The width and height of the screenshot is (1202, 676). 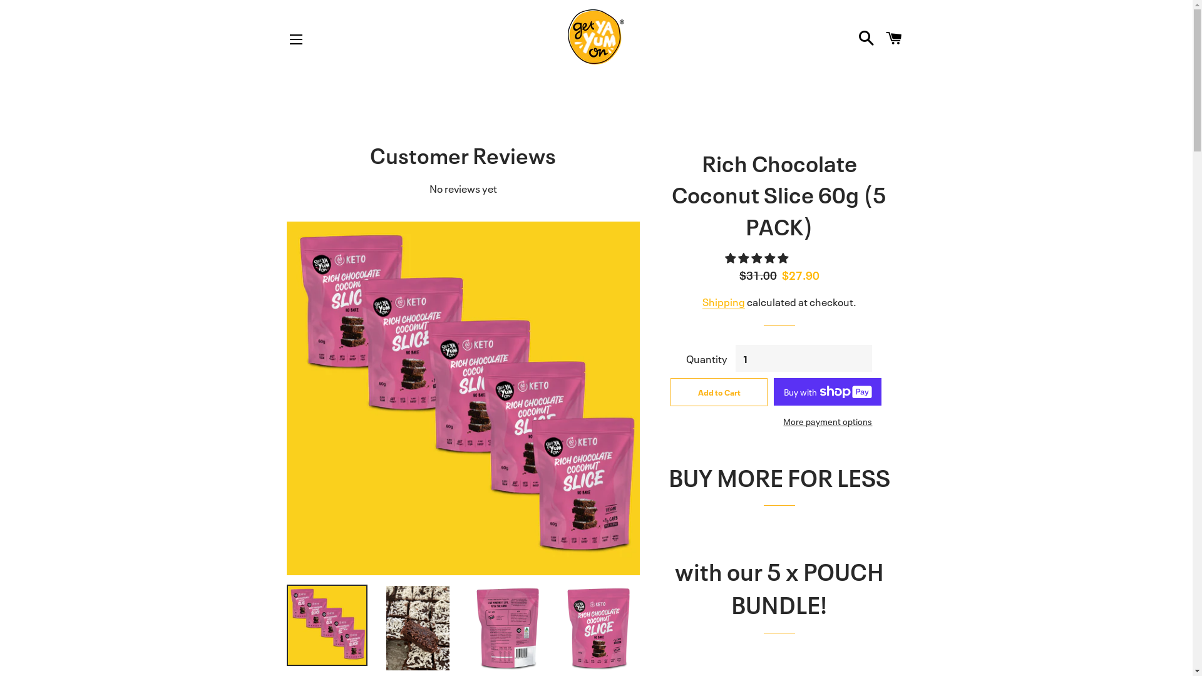 I want to click on 'Cart', so click(x=880, y=36).